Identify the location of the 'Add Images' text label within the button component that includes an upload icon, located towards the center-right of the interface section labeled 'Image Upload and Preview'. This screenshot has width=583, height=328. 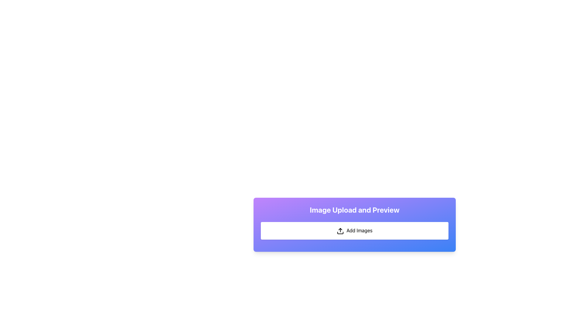
(360, 231).